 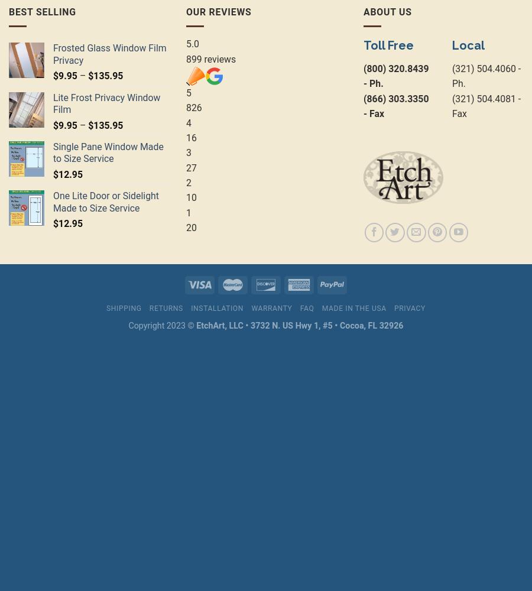 I want to click on '4', so click(x=187, y=122).